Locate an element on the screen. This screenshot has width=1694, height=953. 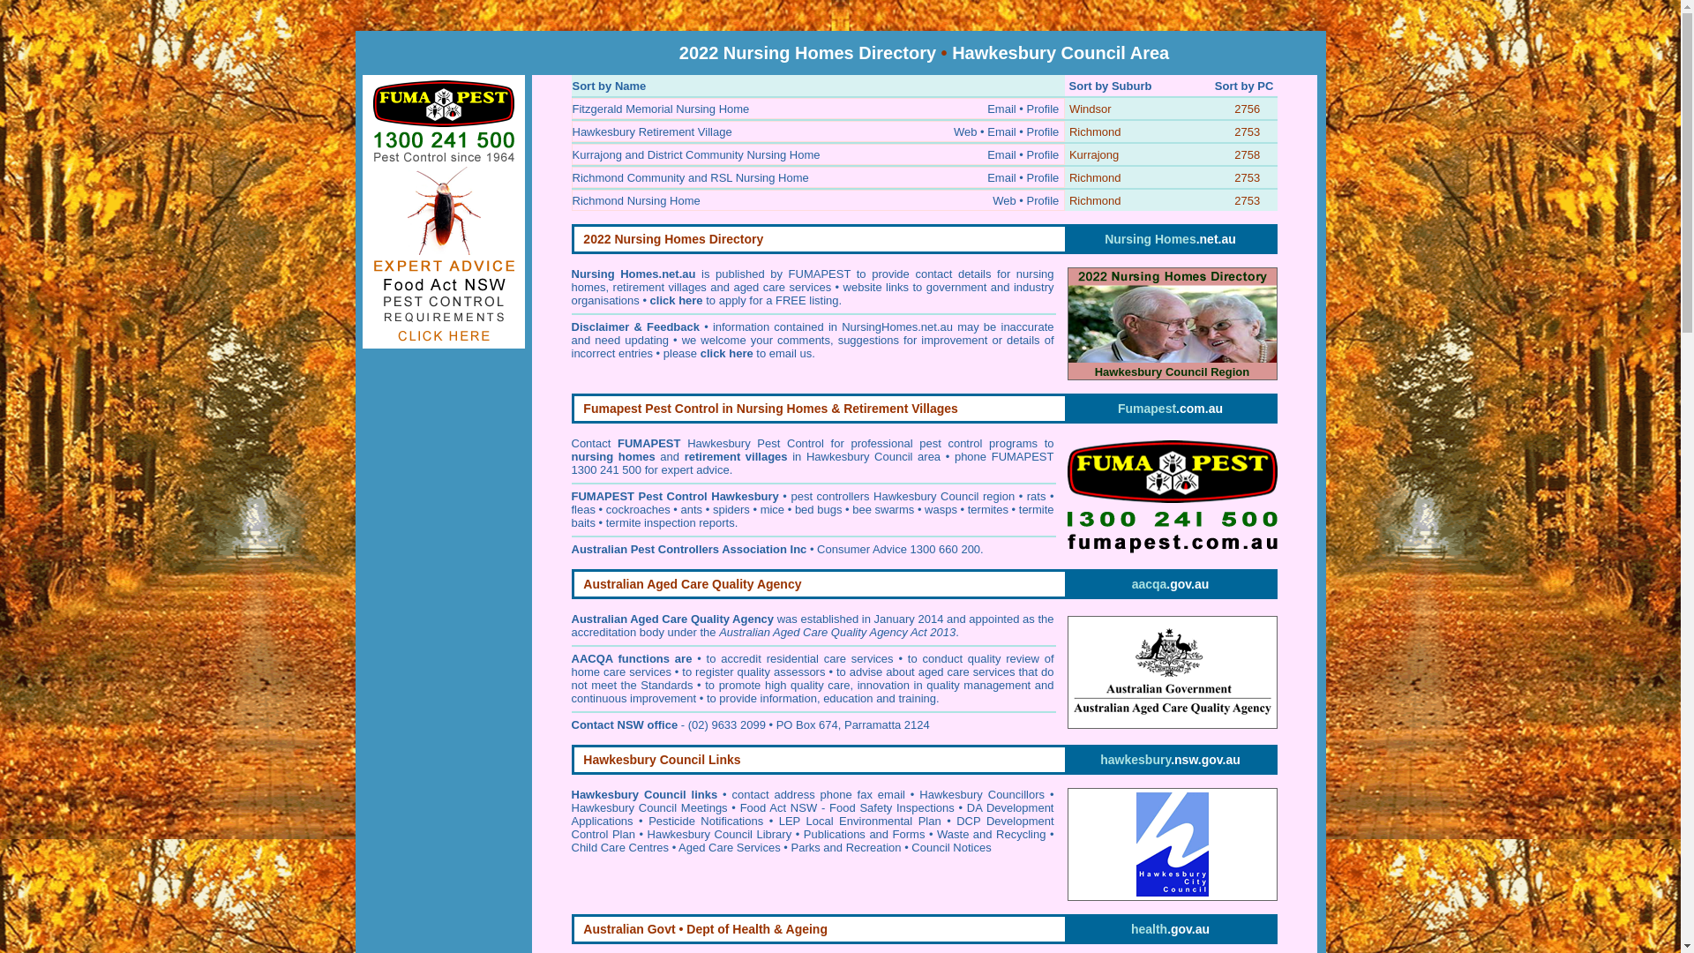
'bee swarms' is located at coordinates (883, 509).